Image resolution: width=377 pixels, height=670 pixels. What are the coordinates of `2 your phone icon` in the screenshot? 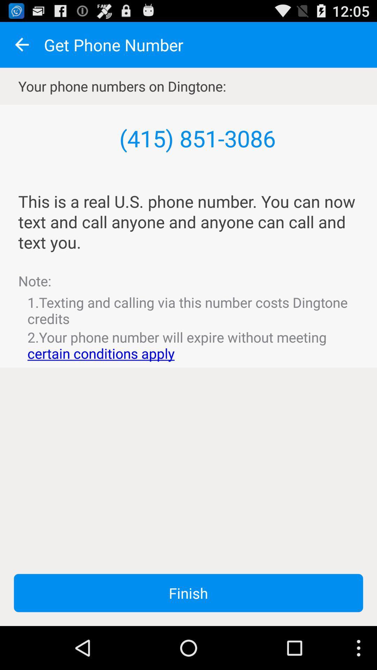 It's located at (188, 345).